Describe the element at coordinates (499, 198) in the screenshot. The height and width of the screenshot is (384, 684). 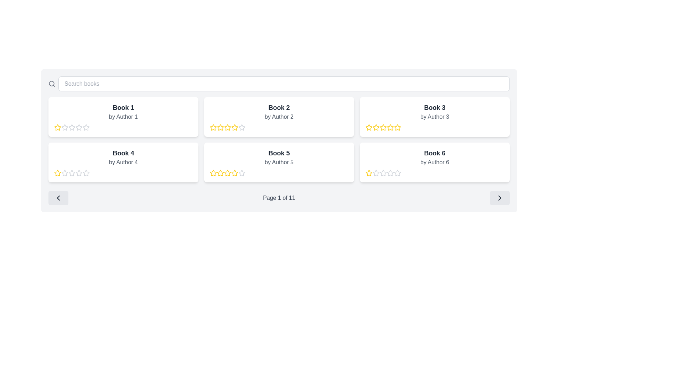
I see `the chevron icon located at the far-right side of the footer navigation area` at that location.